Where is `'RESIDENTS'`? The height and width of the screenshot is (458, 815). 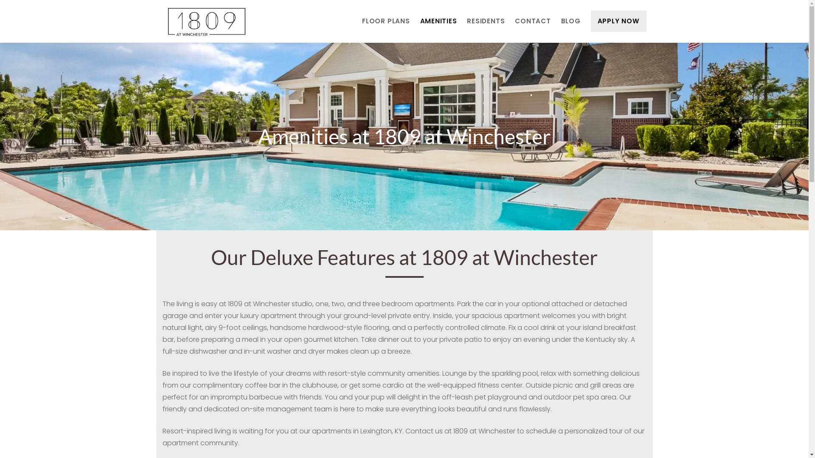 'RESIDENTS' is located at coordinates (486, 21).